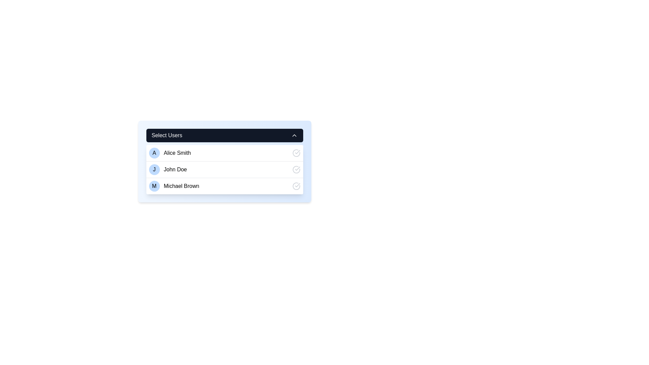 Image resolution: width=649 pixels, height=365 pixels. What do you see at coordinates (170, 153) in the screenshot?
I see `the first list item labeled 'Alice Smith' which has a circular blue background with the letter 'A' inside, located under the 'Select Users' title` at bounding box center [170, 153].